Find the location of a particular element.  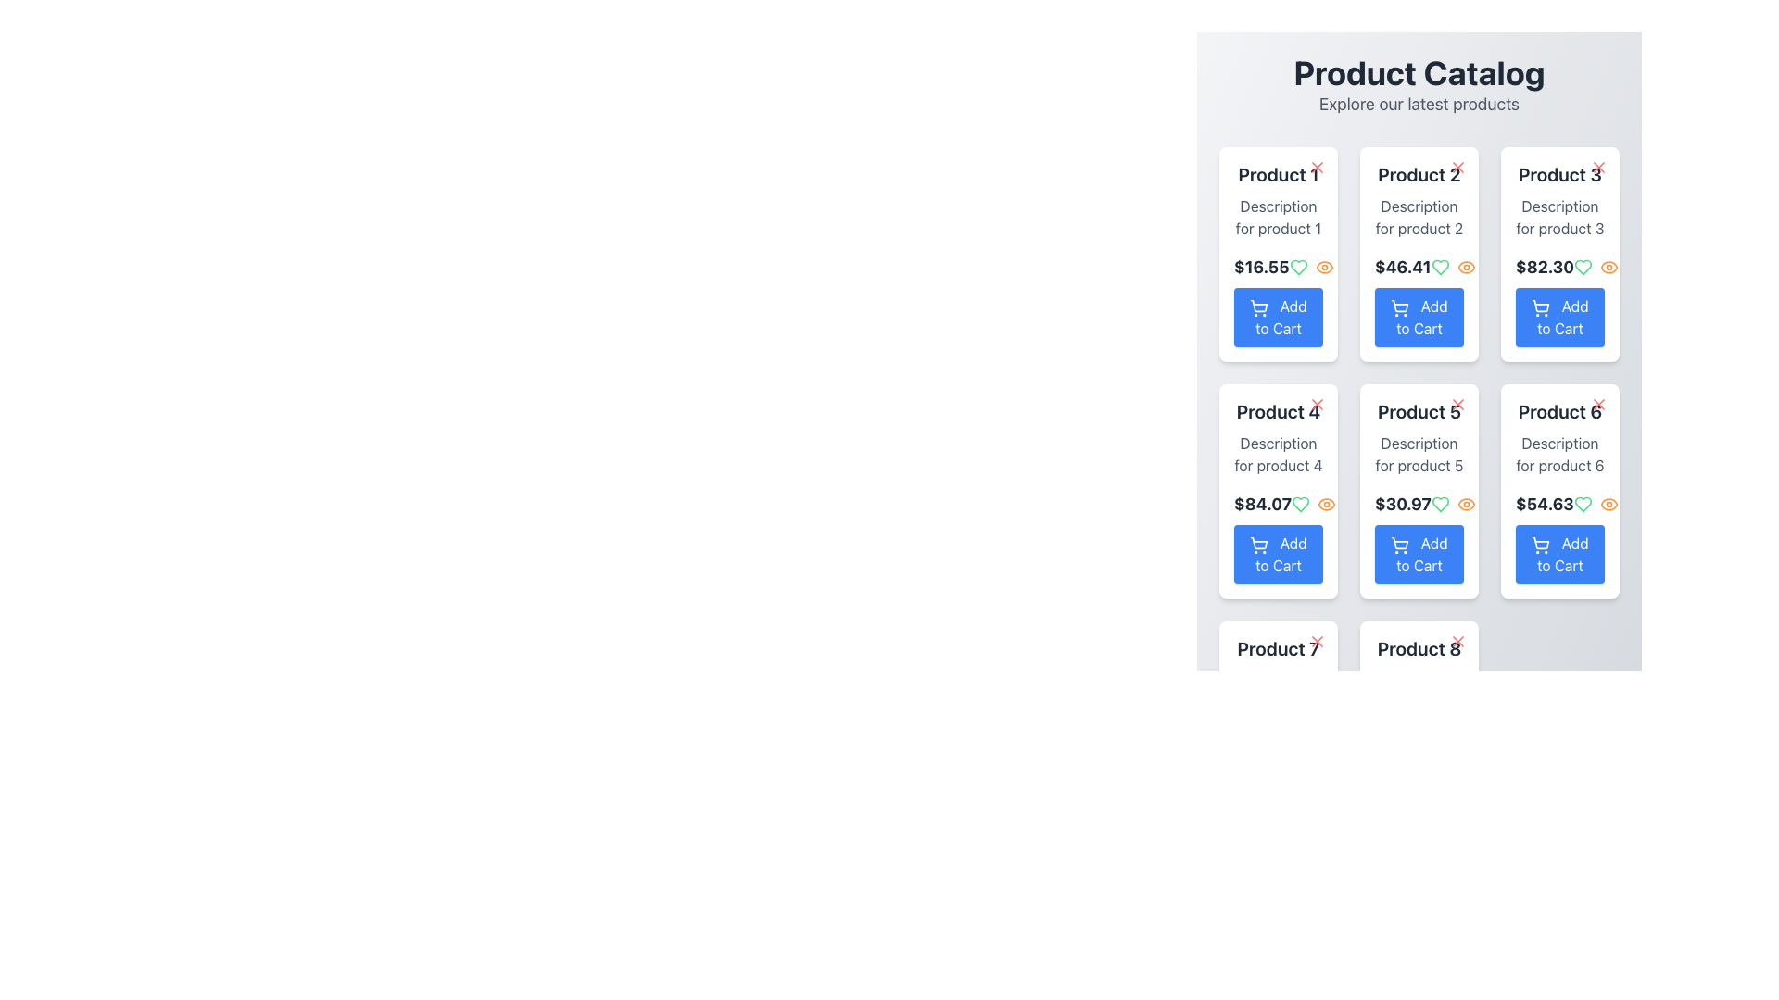

the price text displaying '$82.30' located in the upper central part of the 'Product 3' card, situated beneath the product description and above the 'Add to Cart' button is located at coordinates (1559, 268).